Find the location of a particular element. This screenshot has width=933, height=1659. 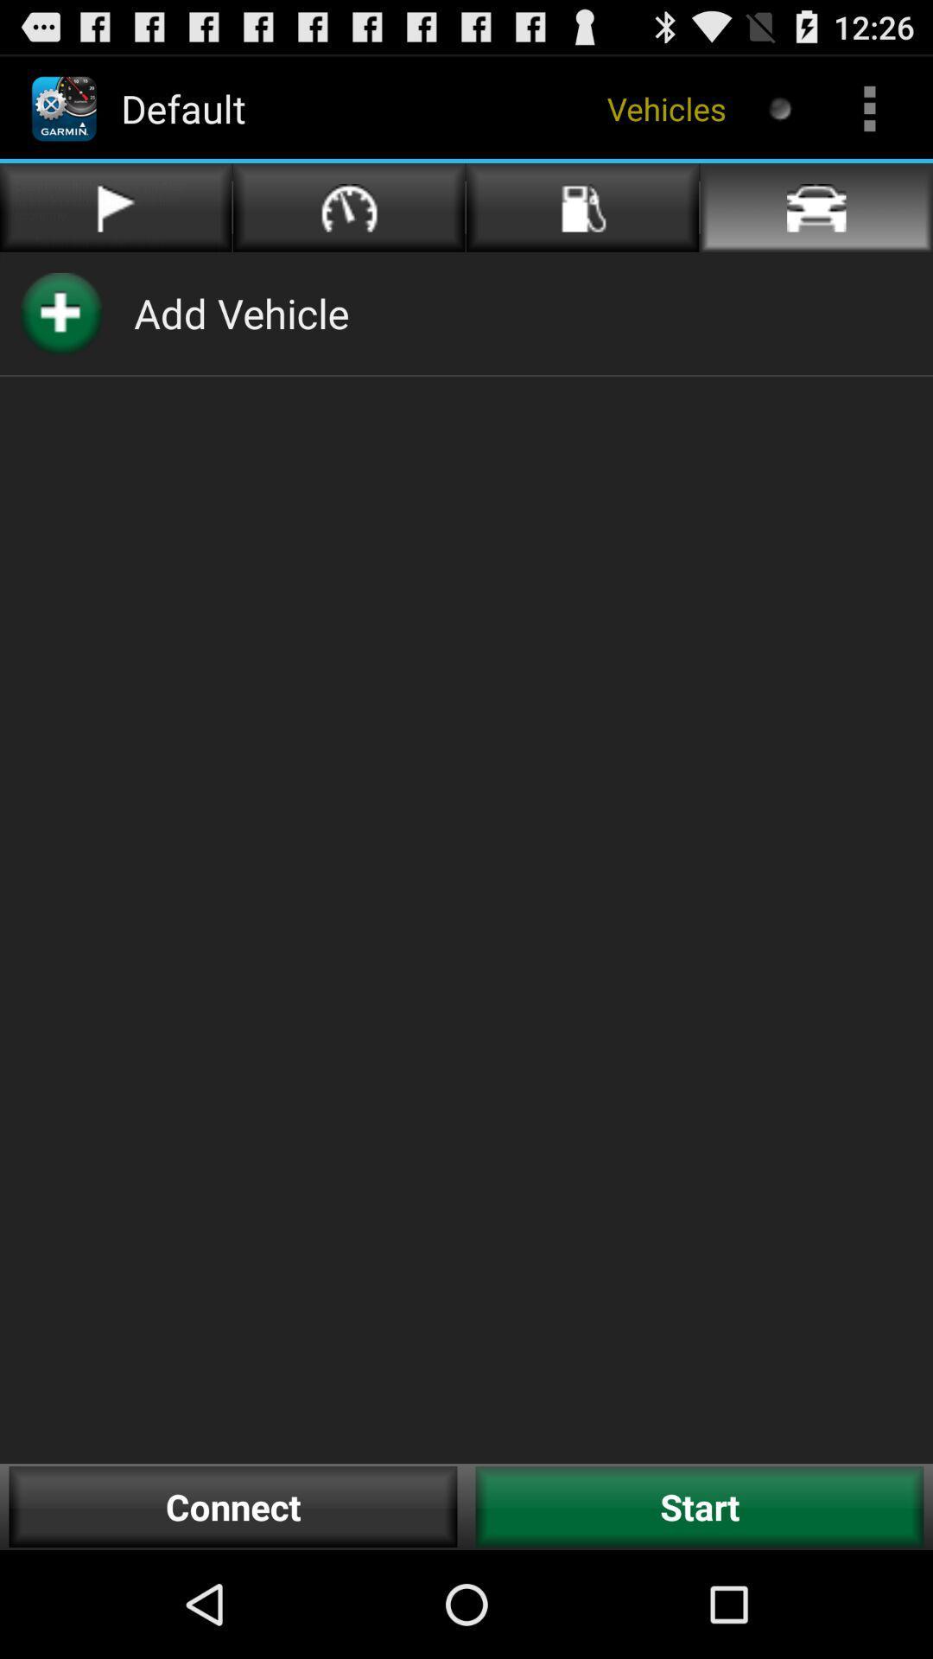

button above connect is located at coordinates (241, 313).